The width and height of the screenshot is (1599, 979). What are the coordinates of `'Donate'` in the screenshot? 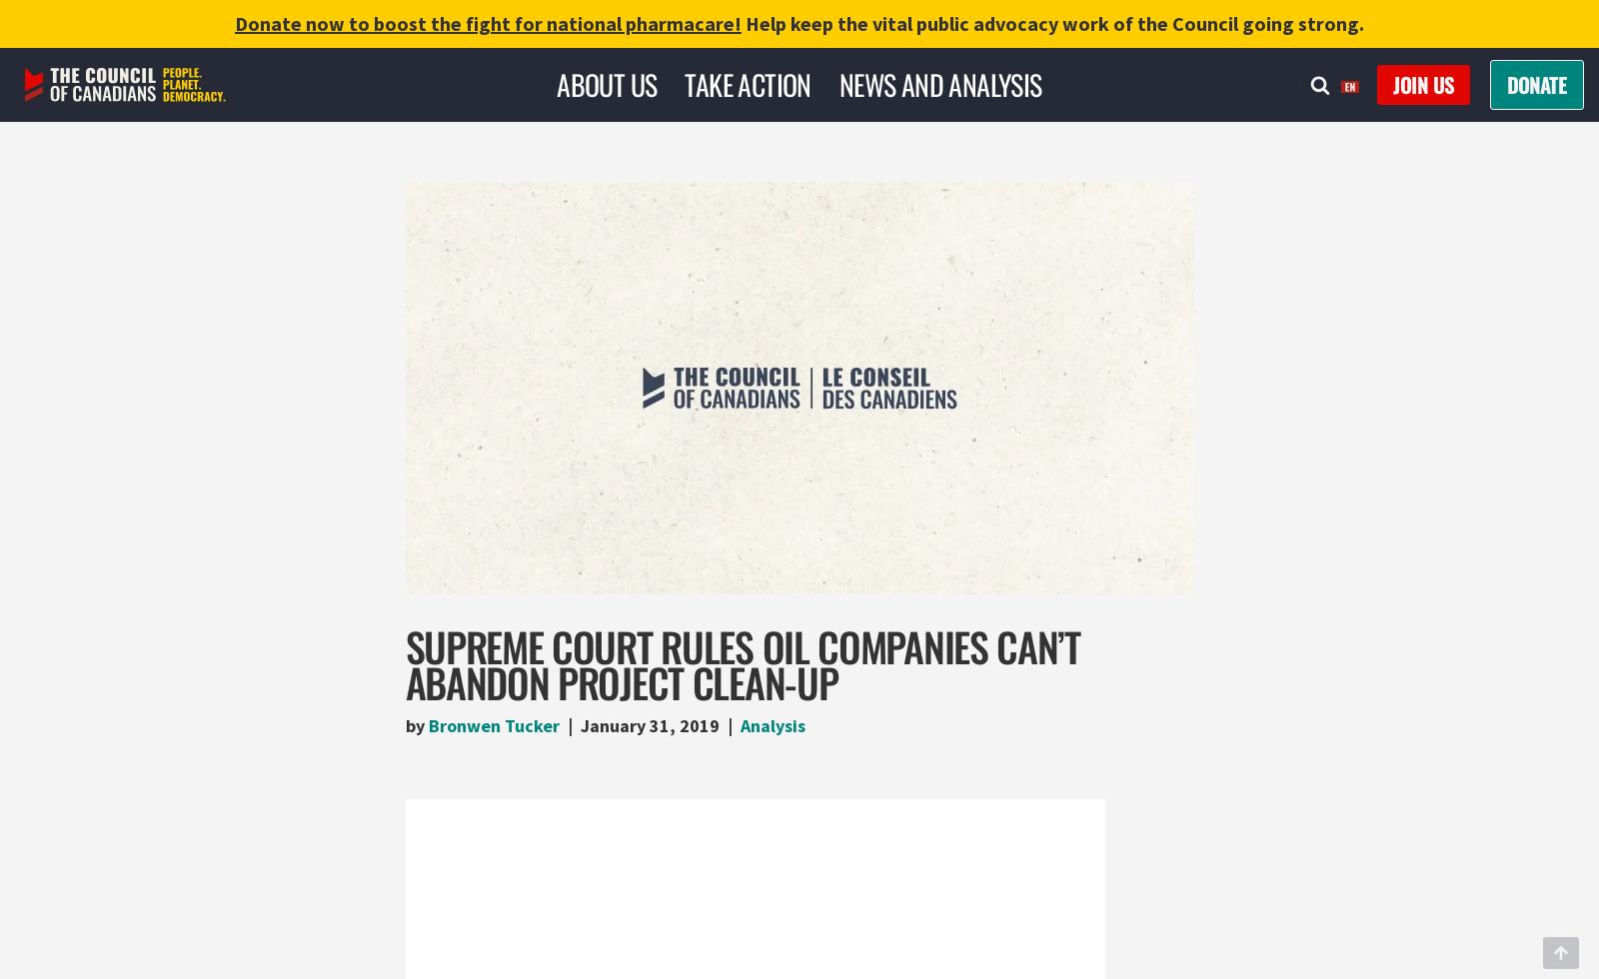 It's located at (1507, 84).